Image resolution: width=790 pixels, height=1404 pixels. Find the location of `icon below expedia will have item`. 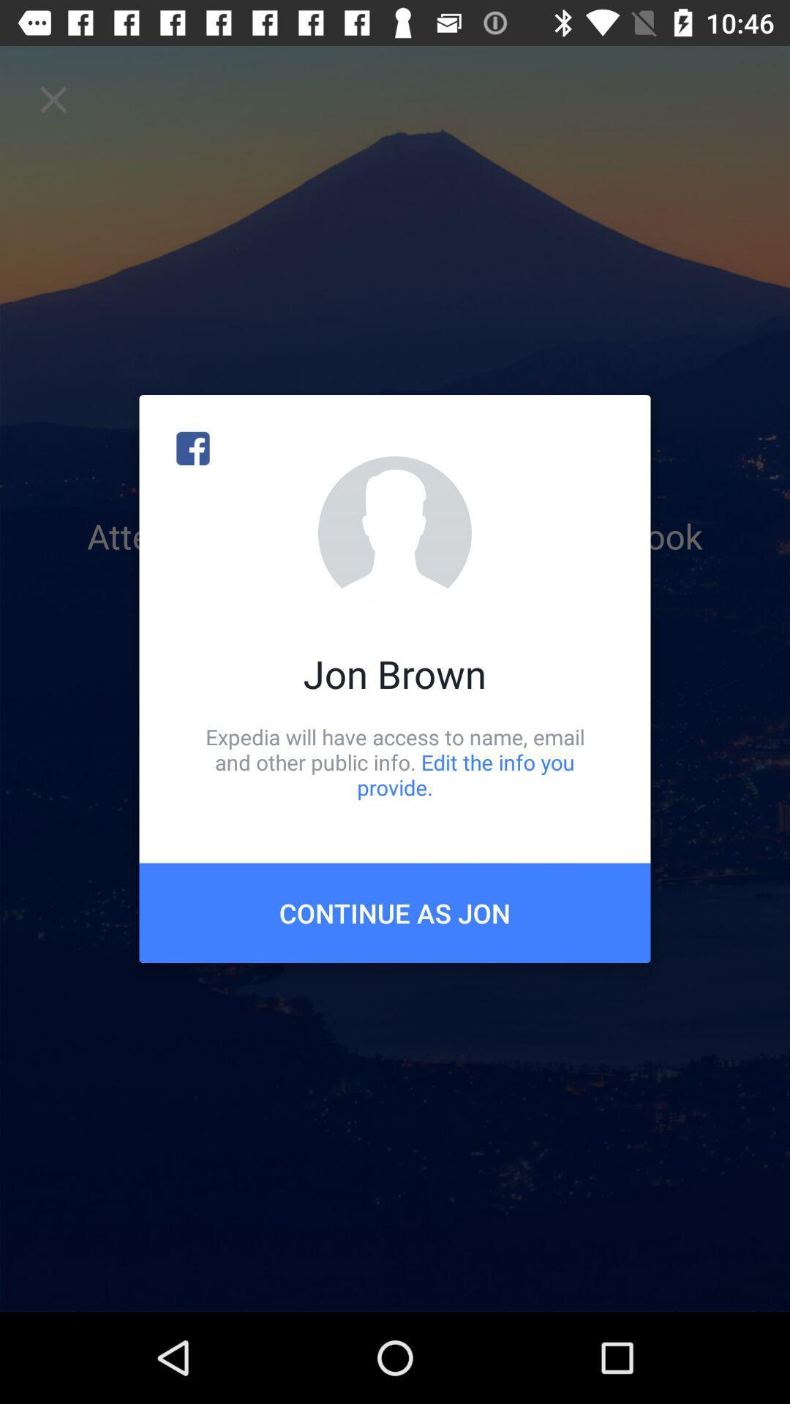

icon below expedia will have item is located at coordinates (395, 912).